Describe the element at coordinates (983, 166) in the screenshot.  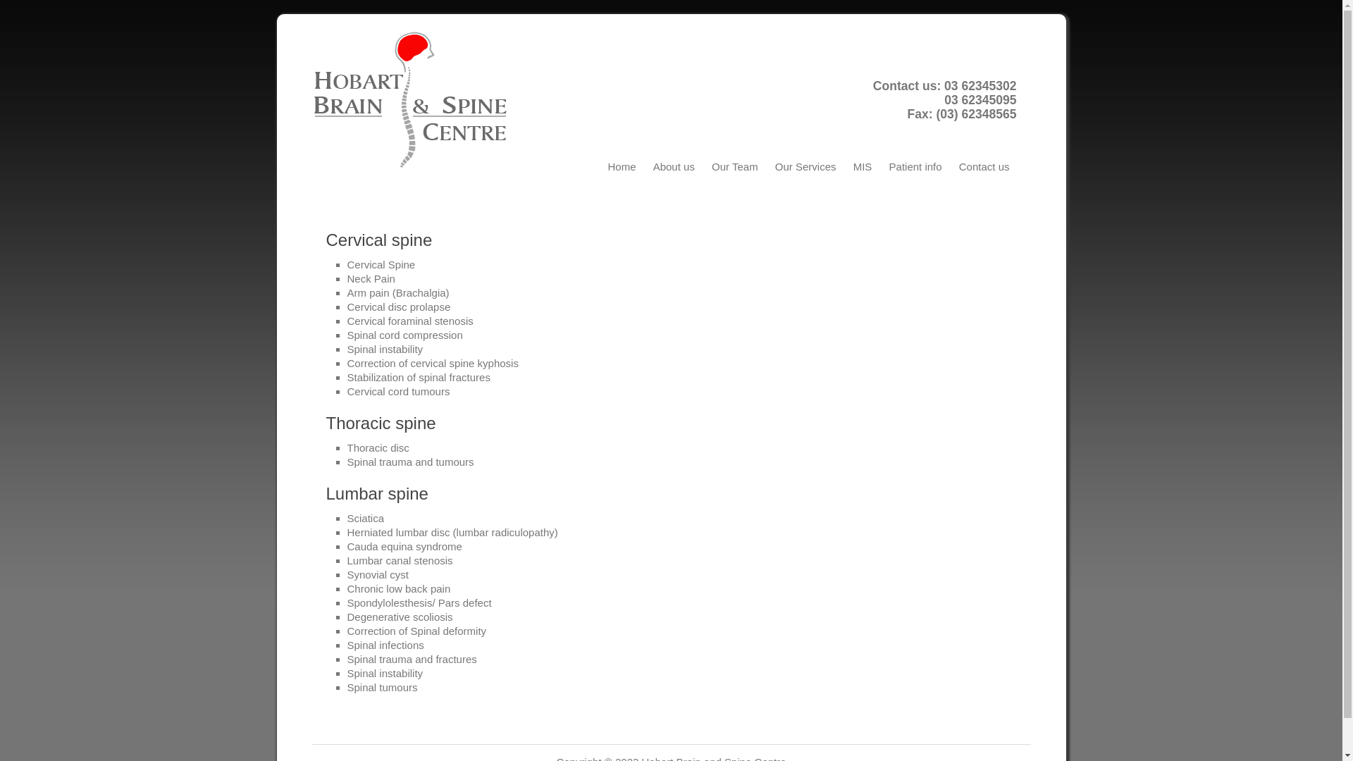
I see `'Contact us'` at that location.